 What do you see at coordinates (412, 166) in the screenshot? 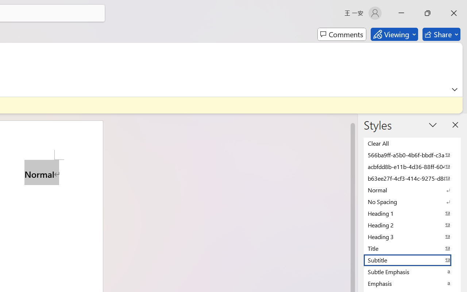
I see `'acbfdd8b-e11b-4d36-88ff-6049b138f862'` at bounding box center [412, 166].